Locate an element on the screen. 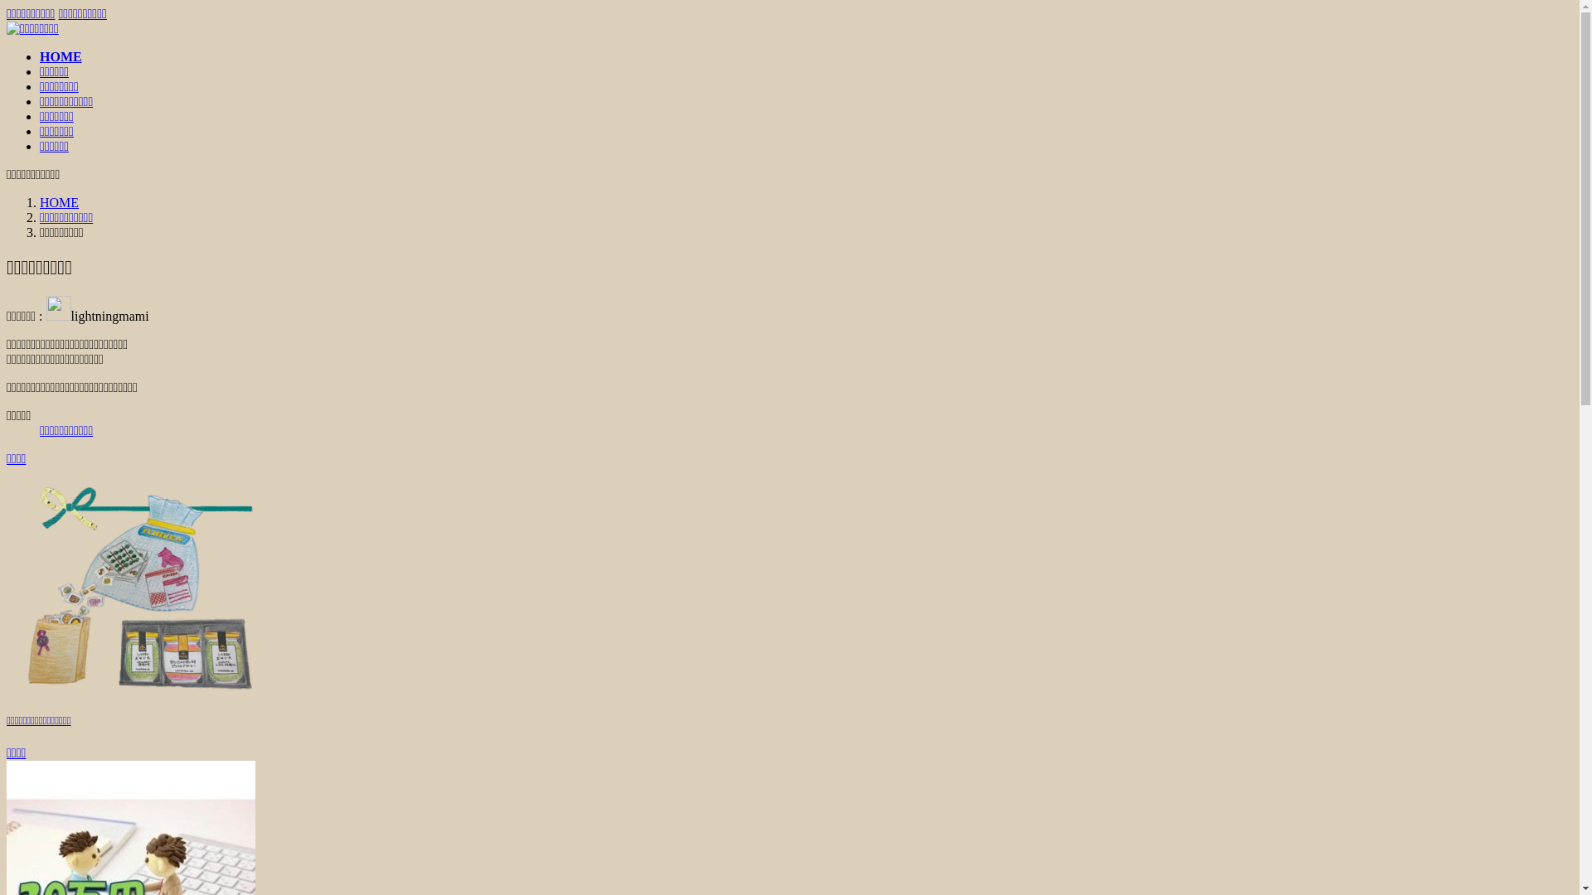 This screenshot has height=895, width=1592. 'HOME' is located at coordinates (40, 201).